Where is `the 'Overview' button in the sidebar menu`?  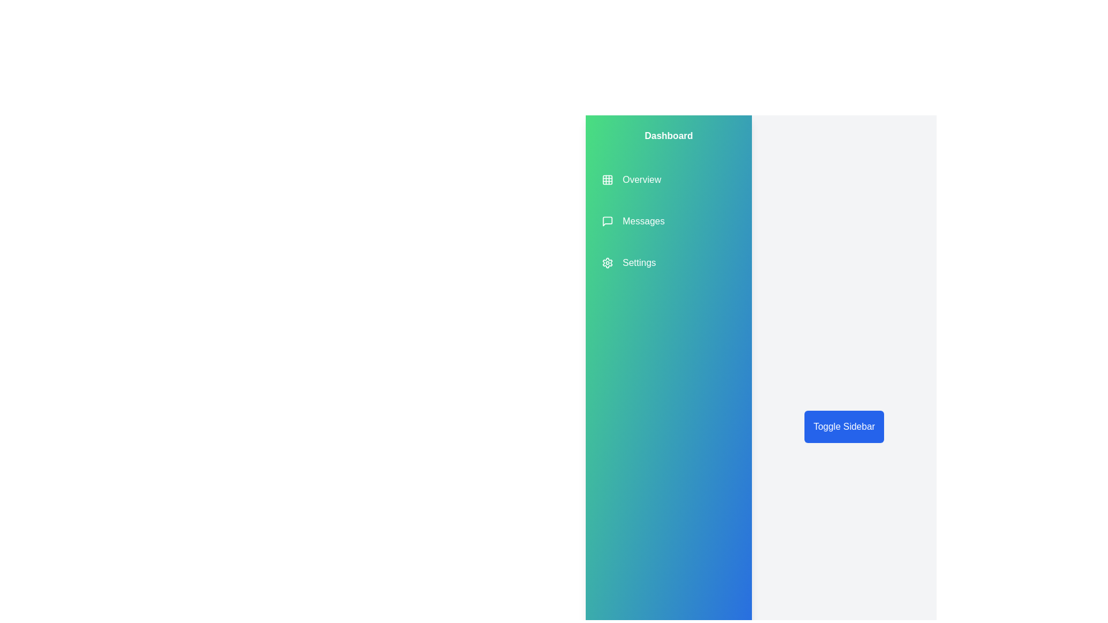
the 'Overview' button in the sidebar menu is located at coordinates (631, 180).